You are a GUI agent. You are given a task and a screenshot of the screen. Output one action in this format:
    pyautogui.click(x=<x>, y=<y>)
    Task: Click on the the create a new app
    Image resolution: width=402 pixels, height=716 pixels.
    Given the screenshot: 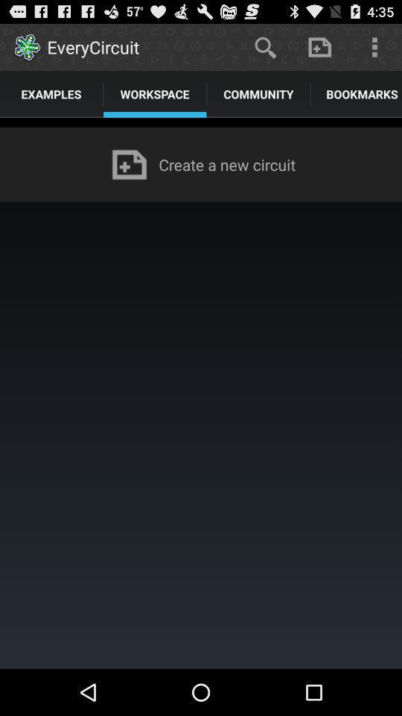 What is the action you would take?
    pyautogui.click(x=230, y=164)
    